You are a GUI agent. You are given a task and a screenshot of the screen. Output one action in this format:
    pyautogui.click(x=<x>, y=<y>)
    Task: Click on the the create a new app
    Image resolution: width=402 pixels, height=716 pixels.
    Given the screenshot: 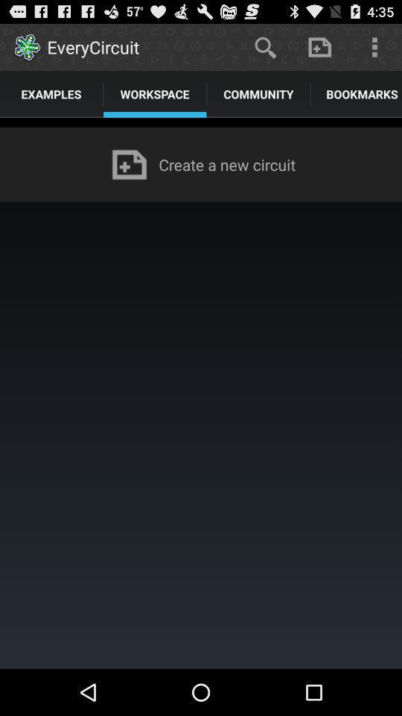 What is the action you would take?
    pyautogui.click(x=230, y=164)
    